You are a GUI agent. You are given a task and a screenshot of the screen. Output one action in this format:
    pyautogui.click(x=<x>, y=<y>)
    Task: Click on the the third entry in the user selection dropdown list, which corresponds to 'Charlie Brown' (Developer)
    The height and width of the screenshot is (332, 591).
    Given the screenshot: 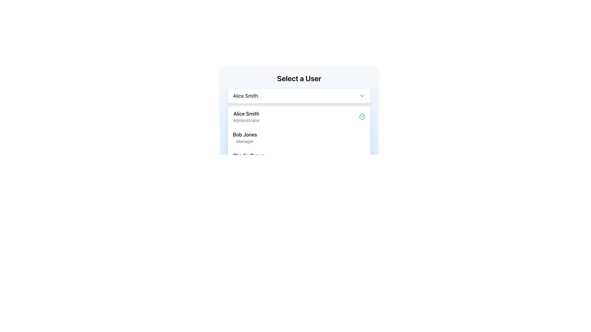 What is the action you would take?
    pyautogui.click(x=249, y=158)
    